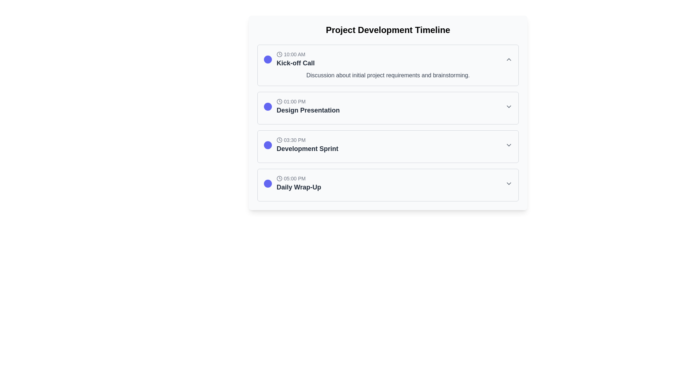 This screenshot has height=392, width=697. What do you see at coordinates (279, 54) in the screenshot?
I see `the time icon located to the left of the text '10:00 AM' in the event entry of the timeline if it serves as an interactive button` at bounding box center [279, 54].